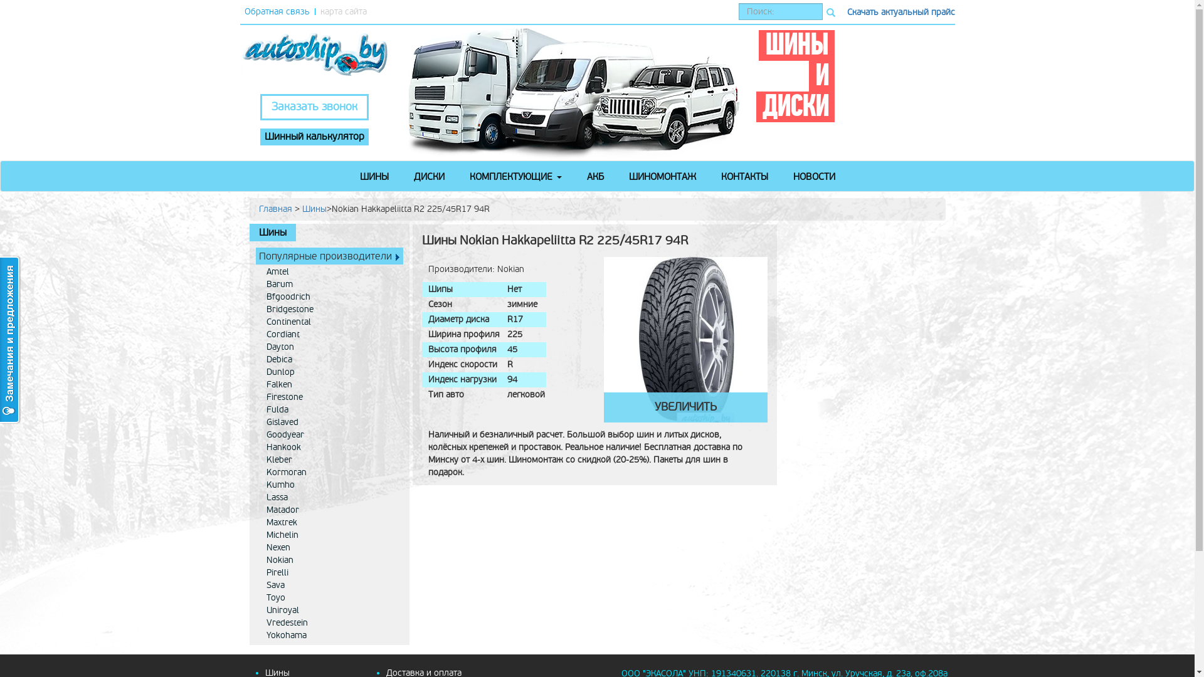 The image size is (1204, 677). I want to click on 'Bridgestone', so click(331, 309).